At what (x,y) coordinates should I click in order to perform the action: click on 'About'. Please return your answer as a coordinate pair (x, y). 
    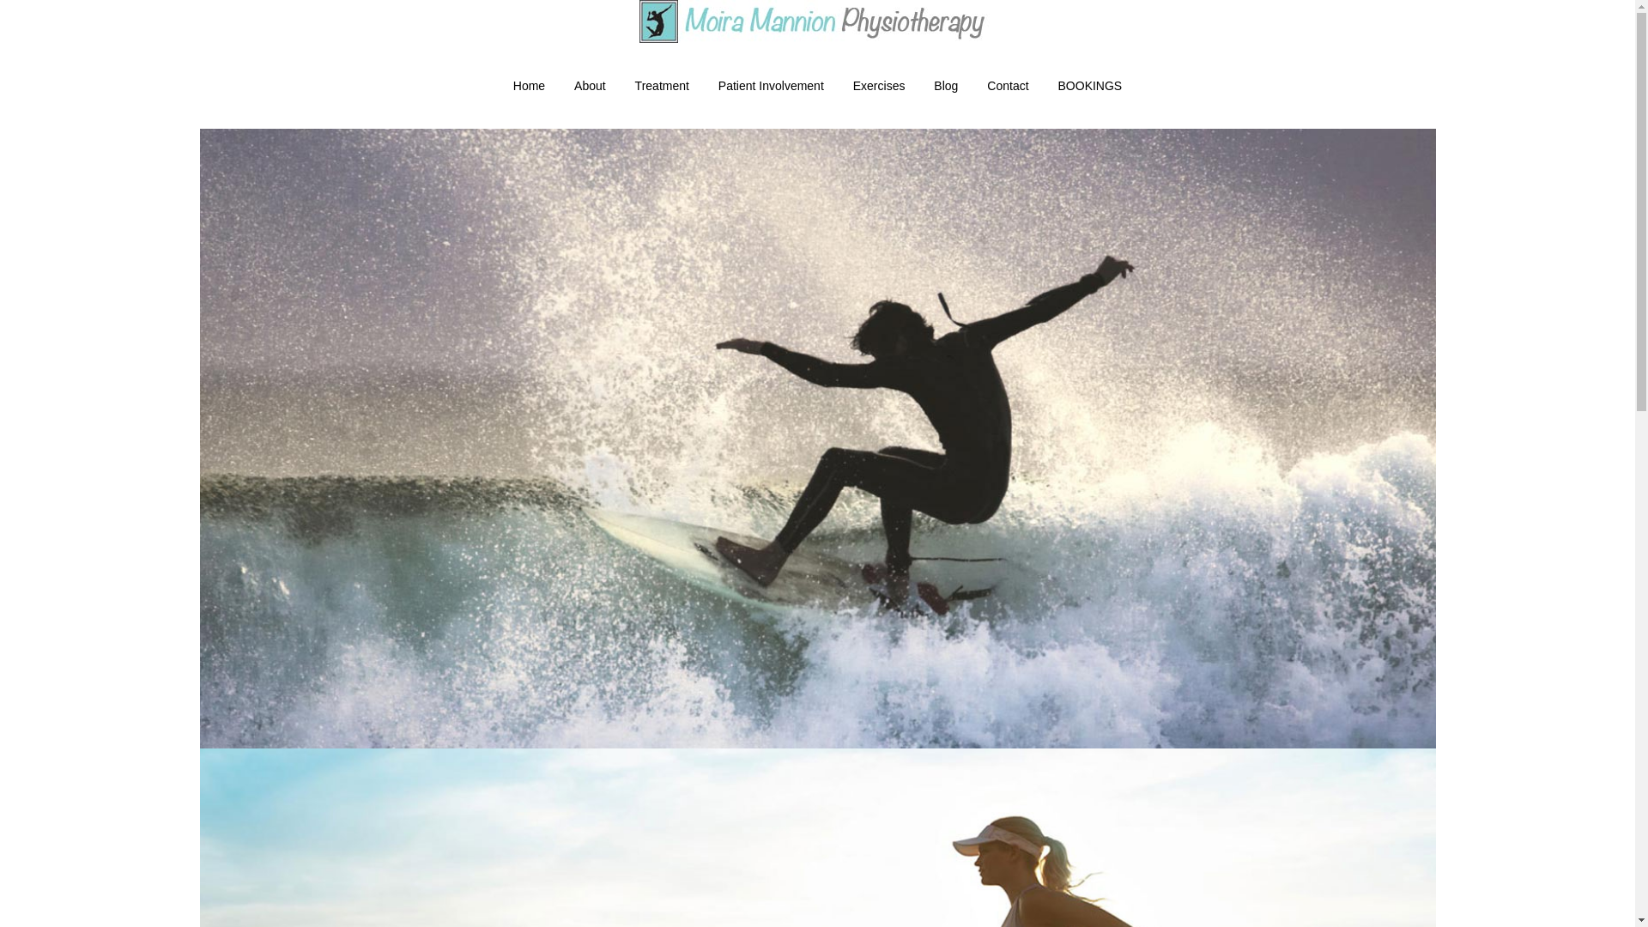
    Looking at the image, I should click on (560, 86).